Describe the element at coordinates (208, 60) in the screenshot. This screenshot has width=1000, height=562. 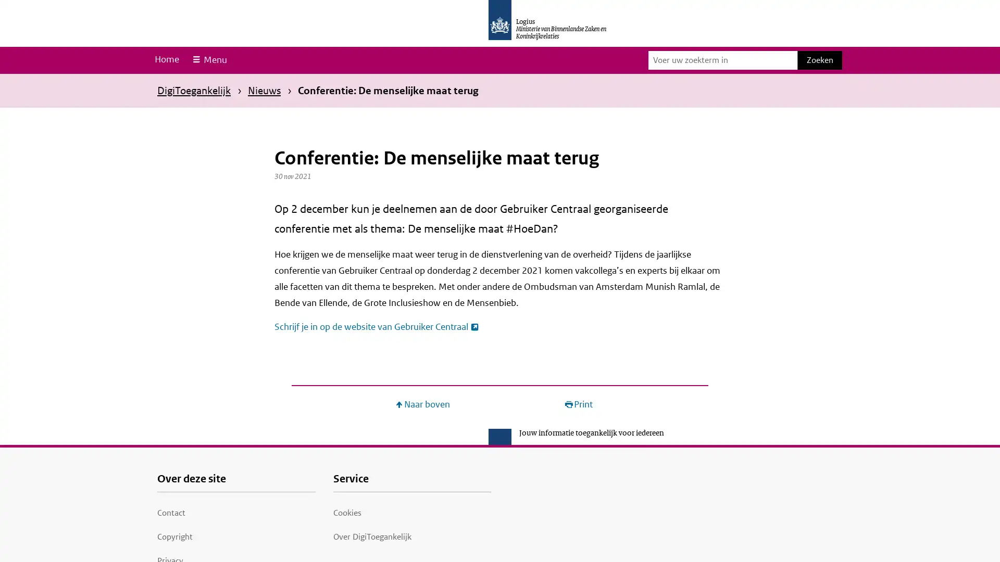
I see `Toggle menu navigation` at that location.